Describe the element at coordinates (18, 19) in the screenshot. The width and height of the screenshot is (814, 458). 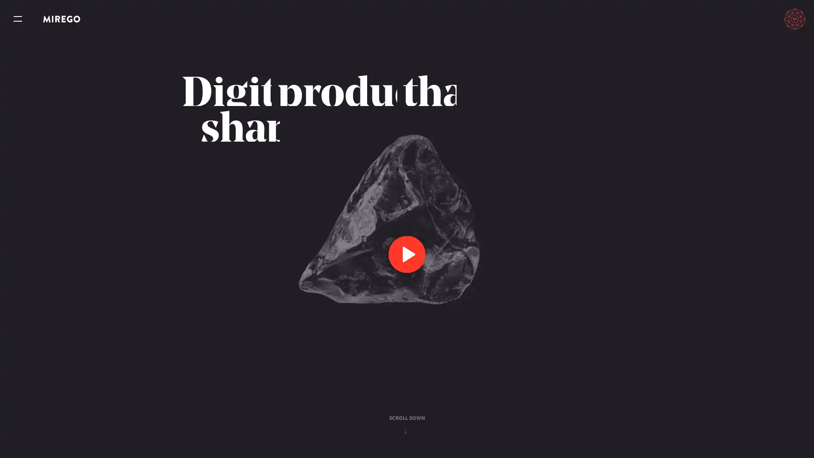
I see `See navigation` at that location.